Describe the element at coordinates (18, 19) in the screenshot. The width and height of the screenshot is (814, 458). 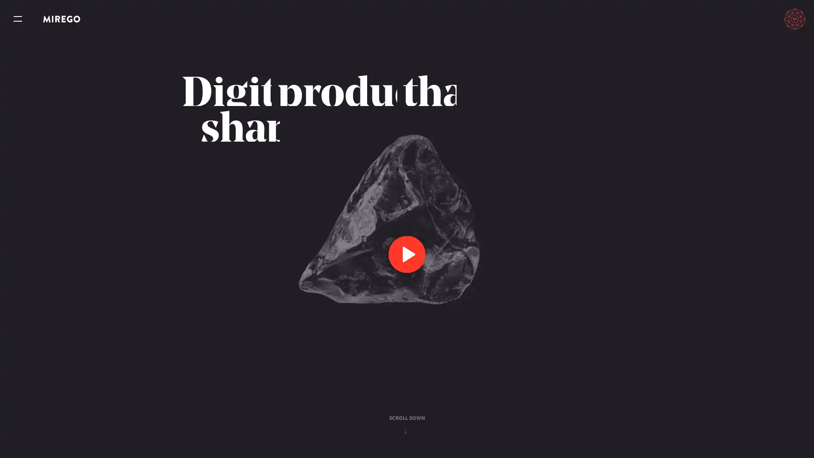
I see `See navigation` at that location.